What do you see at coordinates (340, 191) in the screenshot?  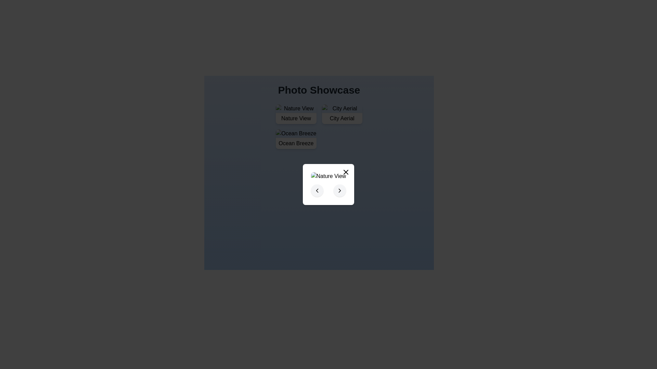 I see `the right-pointing arrow icon button with a grey background` at bounding box center [340, 191].